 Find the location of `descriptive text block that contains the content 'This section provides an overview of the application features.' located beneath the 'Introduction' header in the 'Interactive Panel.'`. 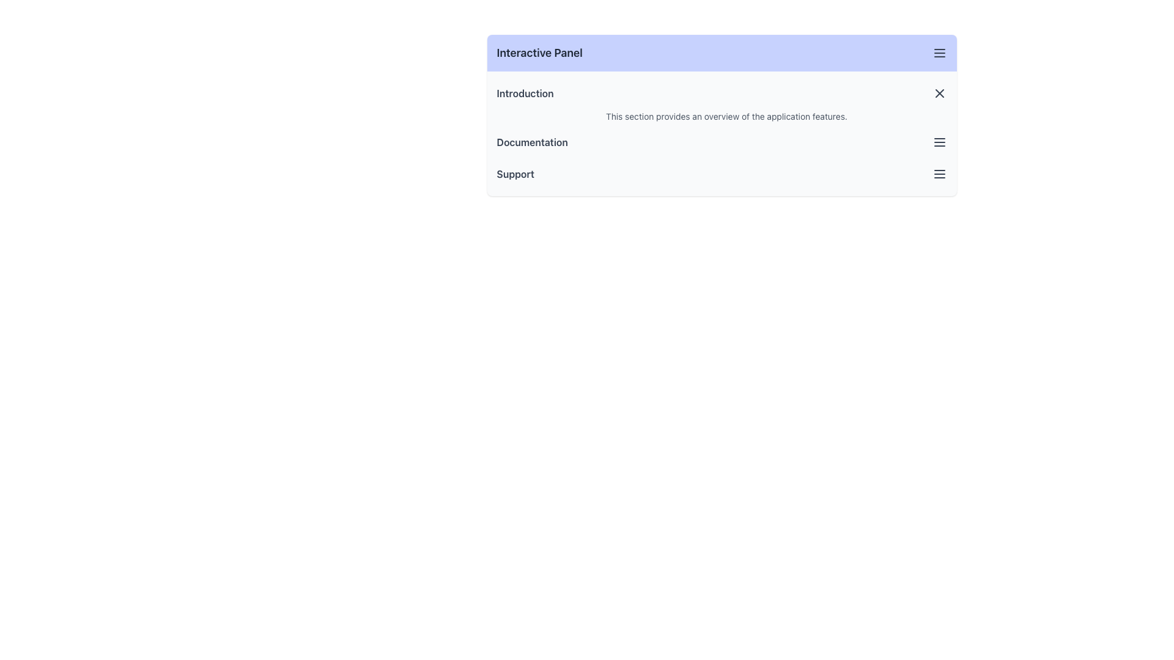

descriptive text block that contains the content 'This section provides an overview of the application features.' located beneath the 'Introduction' header in the 'Interactive Panel.' is located at coordinates (722, 117).